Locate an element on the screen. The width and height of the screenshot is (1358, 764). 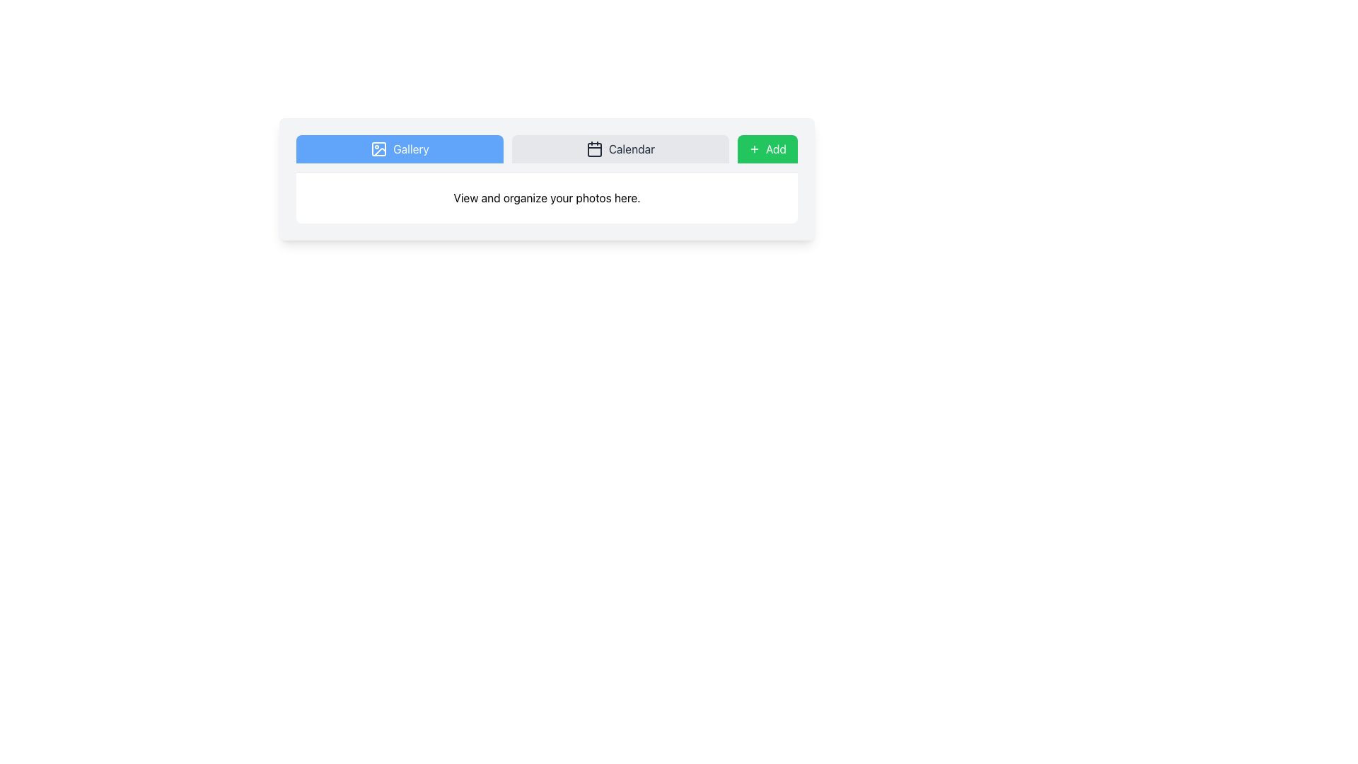
the 'Add' text label which is styled in white color on a green button, located at the rightmost part of the header bar next to a plus sign icon is located at coordinates (775, 149).